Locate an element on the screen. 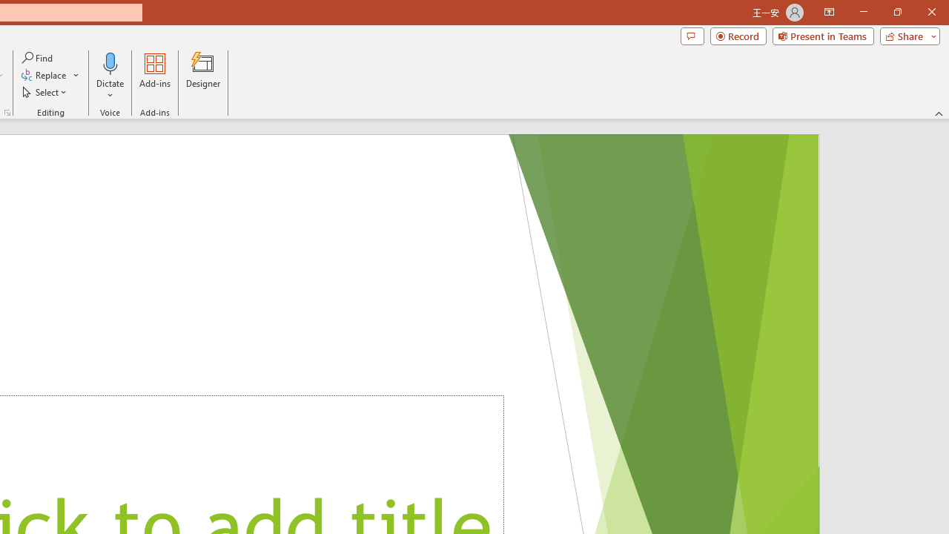 The width and height of the screenshot is (949, 534). 'Designer' is located at coordinates (202, 76).